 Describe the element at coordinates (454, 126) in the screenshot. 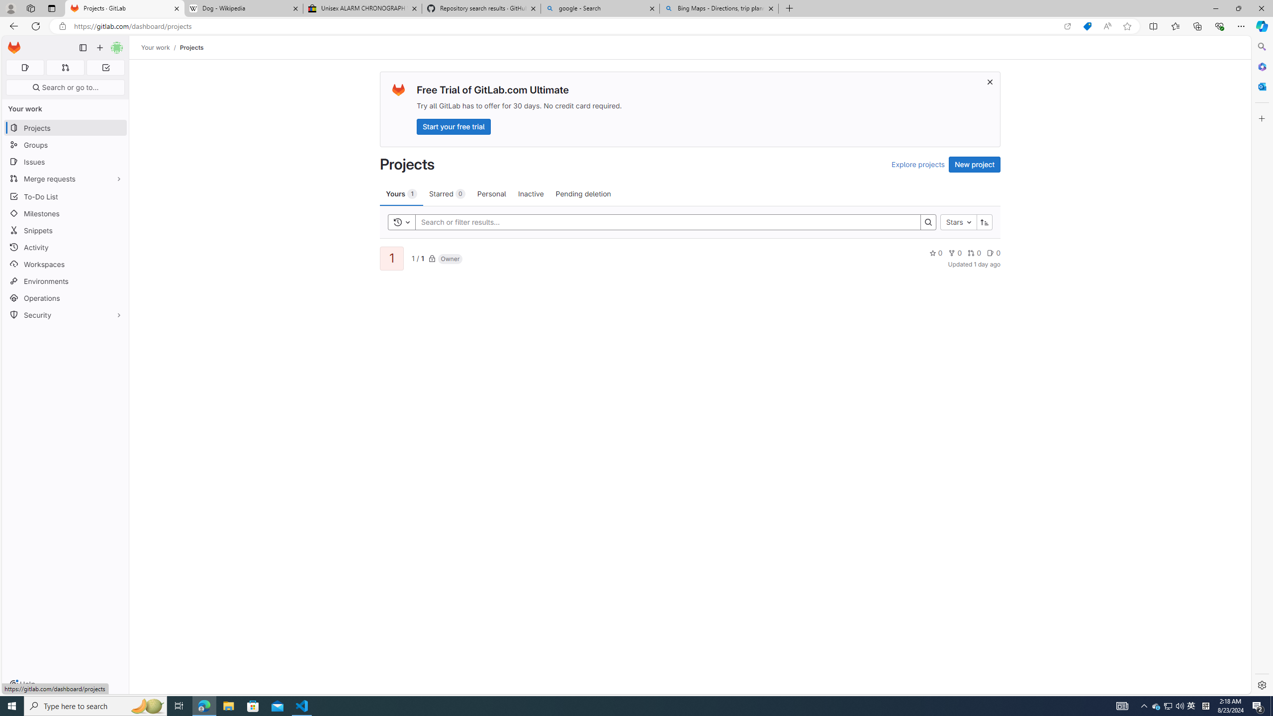

I see `'Start your free trial'` at that location.